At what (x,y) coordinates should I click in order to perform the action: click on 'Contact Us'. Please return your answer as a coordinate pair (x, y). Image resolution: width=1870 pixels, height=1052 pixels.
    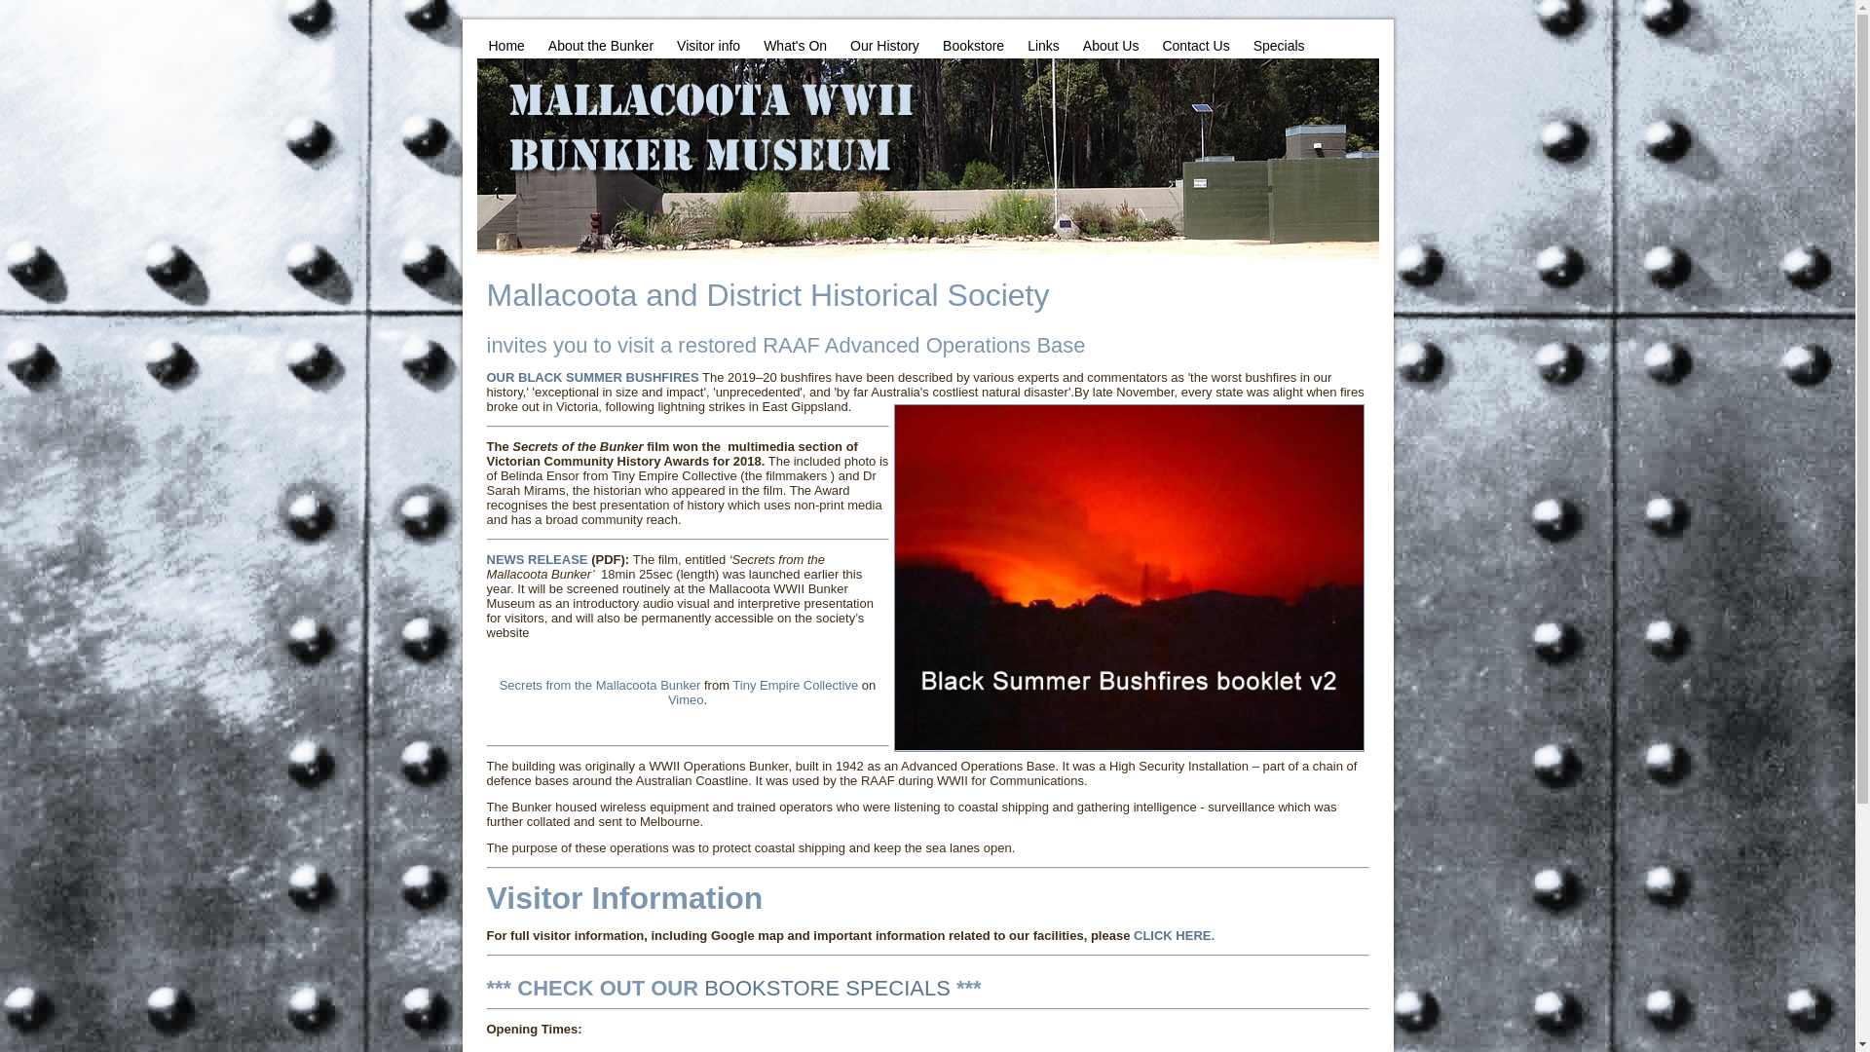
    Looking at the image, I should click on (1194, 45).